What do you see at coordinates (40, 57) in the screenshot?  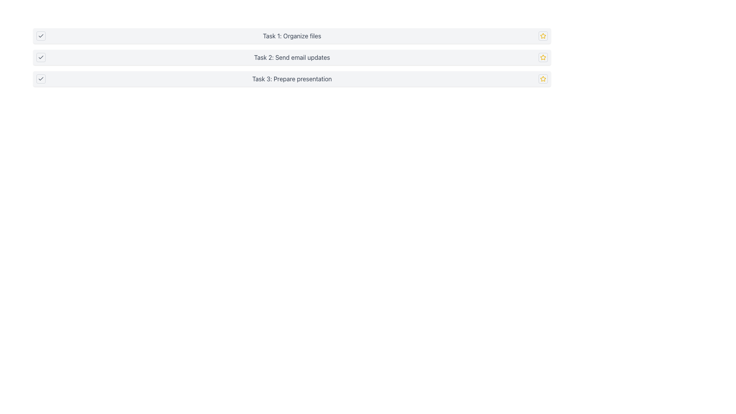 I see `the interactive checkbox located to the left of the text for 'Task 2: Send email updates'` at bounding box center [40, 57].